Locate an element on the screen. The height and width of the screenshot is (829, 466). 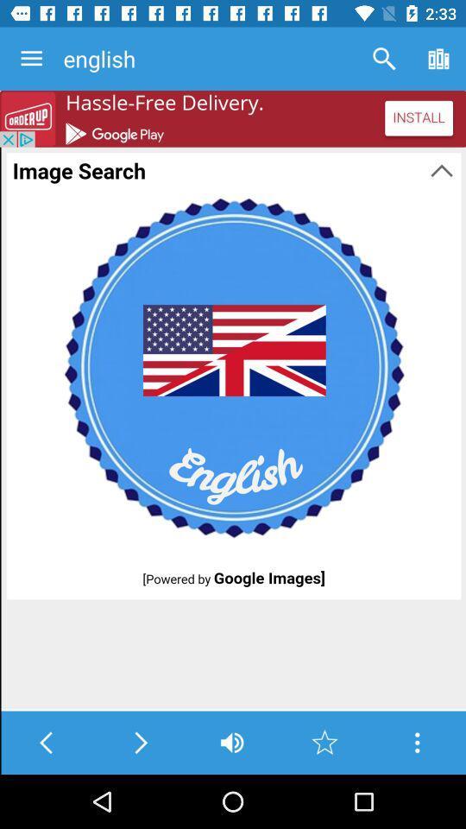
go the options is located at coordinates (416, 742).